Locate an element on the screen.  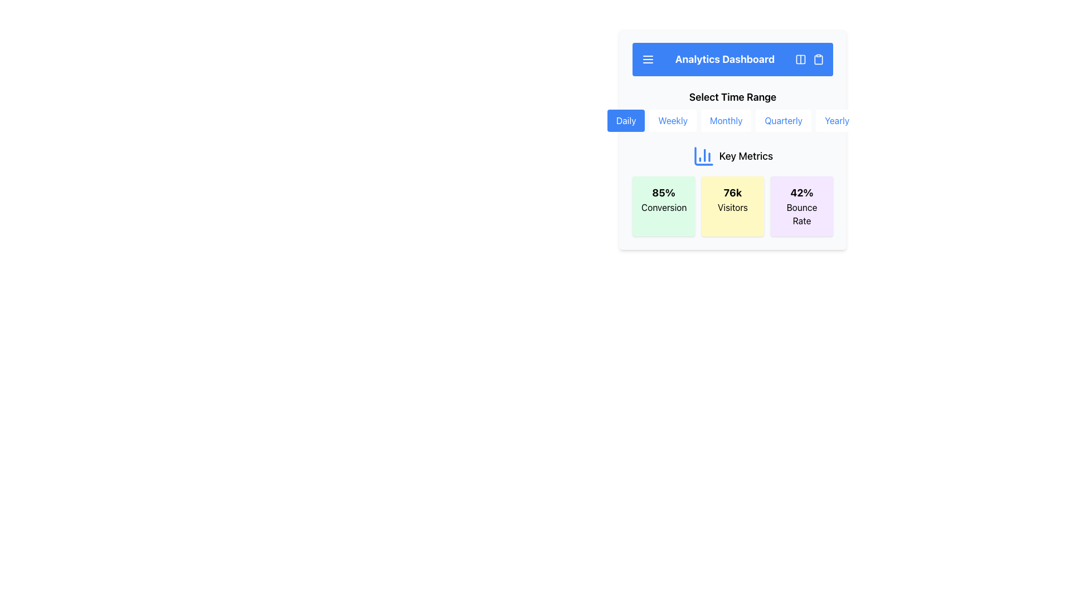
the middle metric card component in the Key Metrics section is located at coordinates (733, 206).